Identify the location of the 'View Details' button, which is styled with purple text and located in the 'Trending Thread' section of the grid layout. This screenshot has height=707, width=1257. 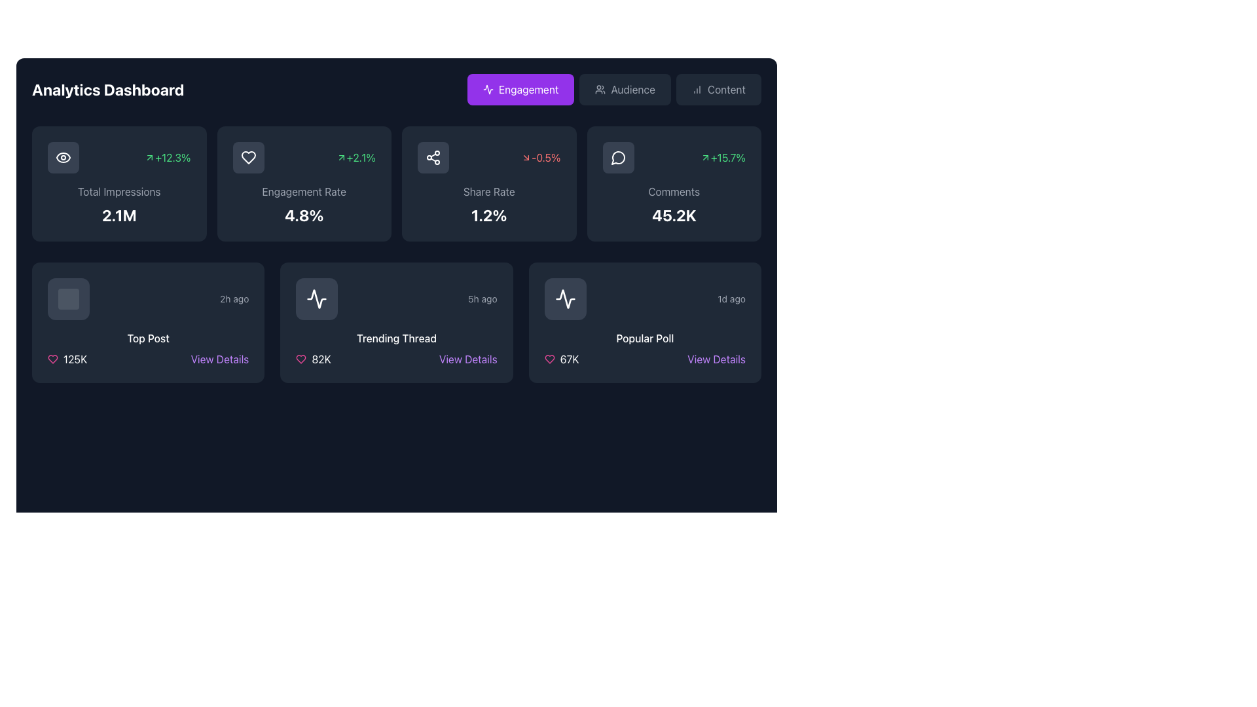
(468, 359).